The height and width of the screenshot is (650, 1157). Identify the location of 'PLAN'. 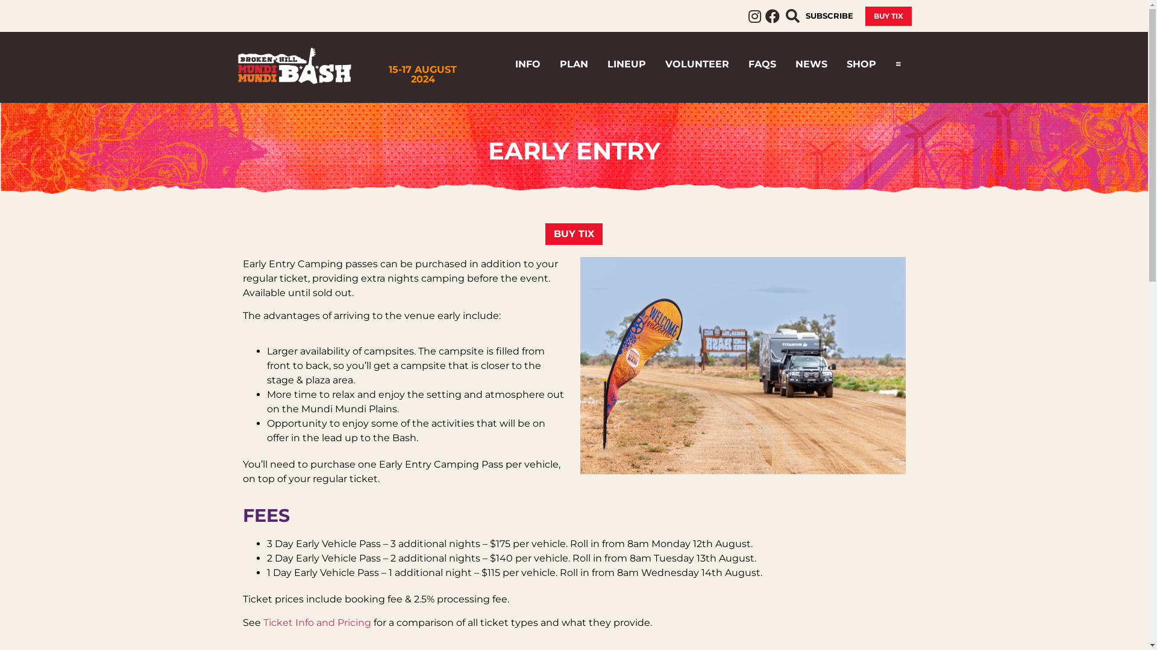
(573, 64).